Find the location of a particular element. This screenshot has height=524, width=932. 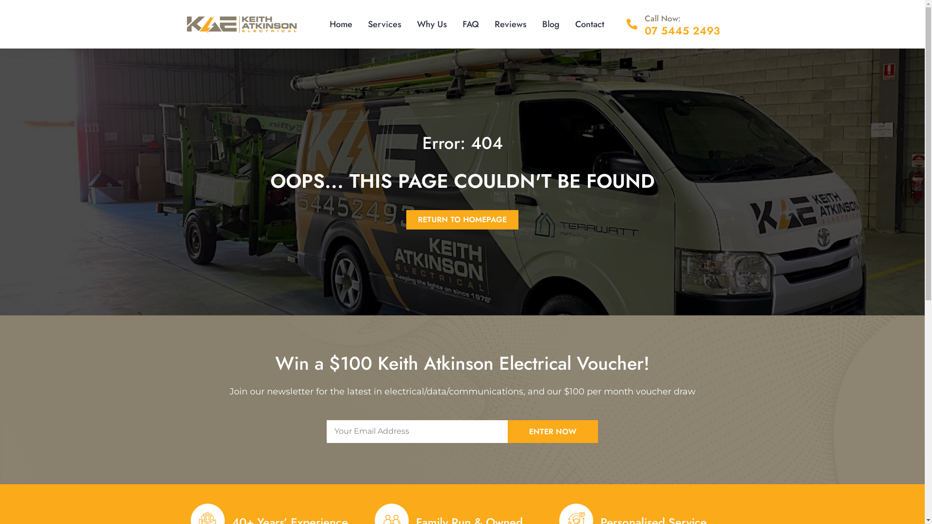

'FAQ' is located at coordinates (470, 24).